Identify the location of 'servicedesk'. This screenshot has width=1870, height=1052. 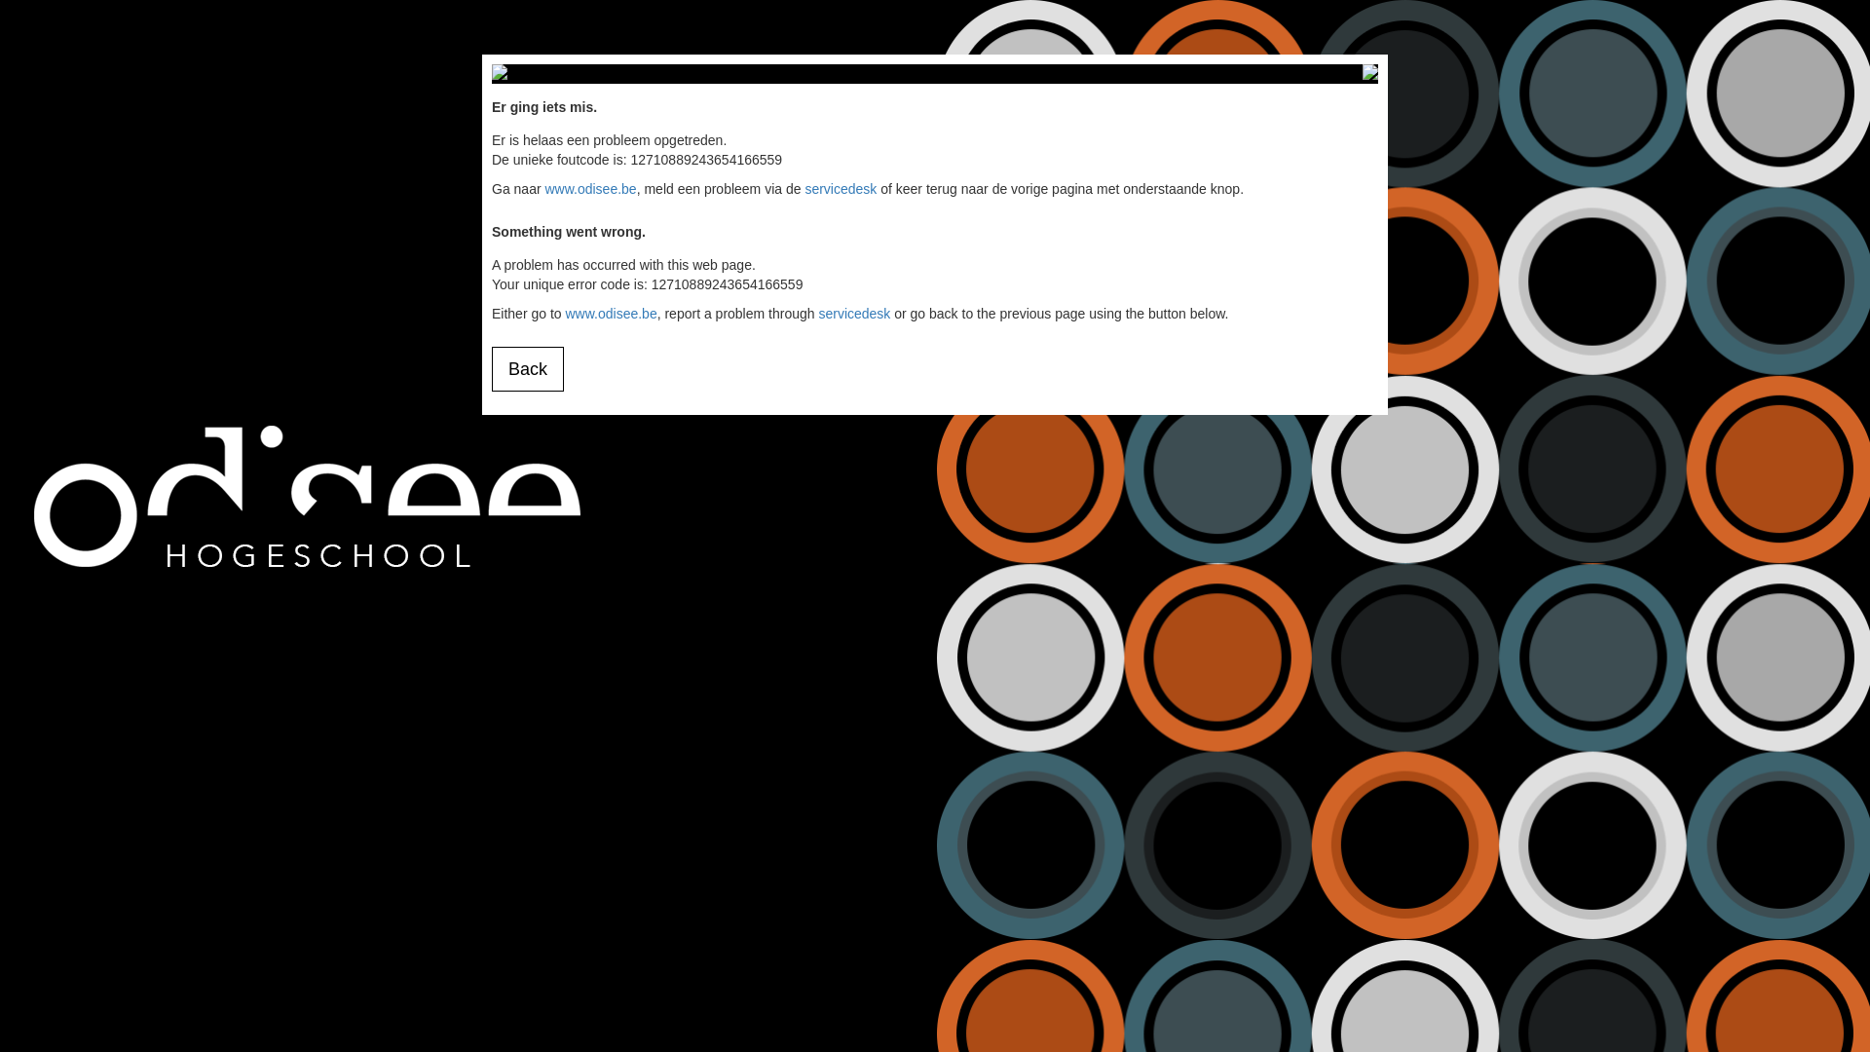
(841, 188).